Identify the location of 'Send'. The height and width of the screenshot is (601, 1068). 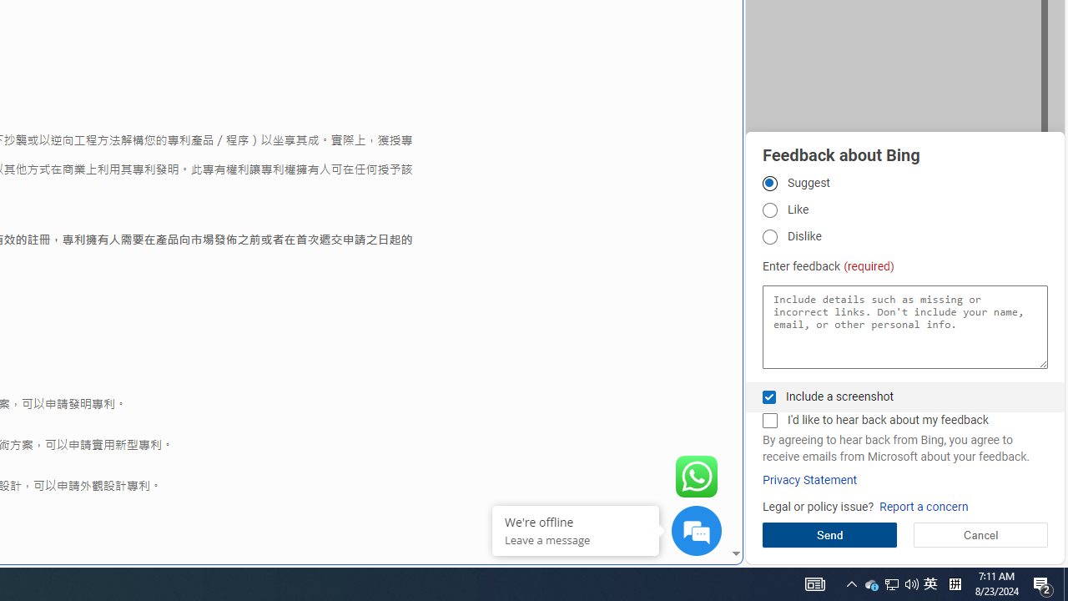
(829, 534).